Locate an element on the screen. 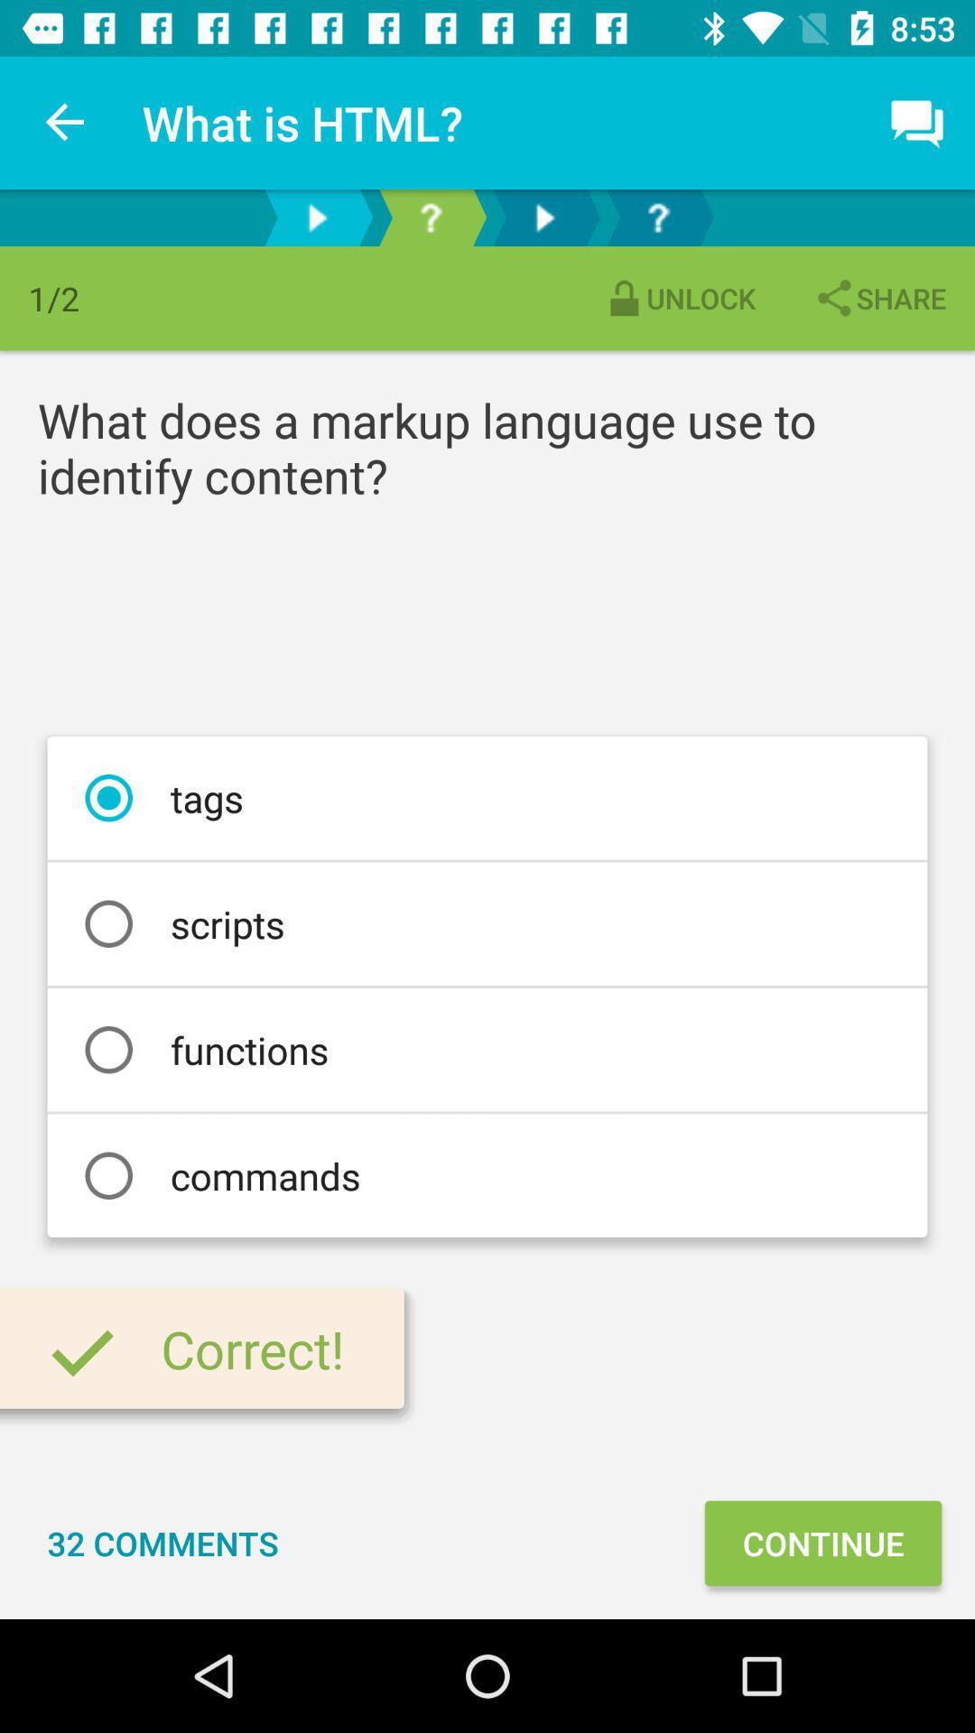 The height and width of the screenshot is (1733, 975). next is located at coordinates (316, 217).